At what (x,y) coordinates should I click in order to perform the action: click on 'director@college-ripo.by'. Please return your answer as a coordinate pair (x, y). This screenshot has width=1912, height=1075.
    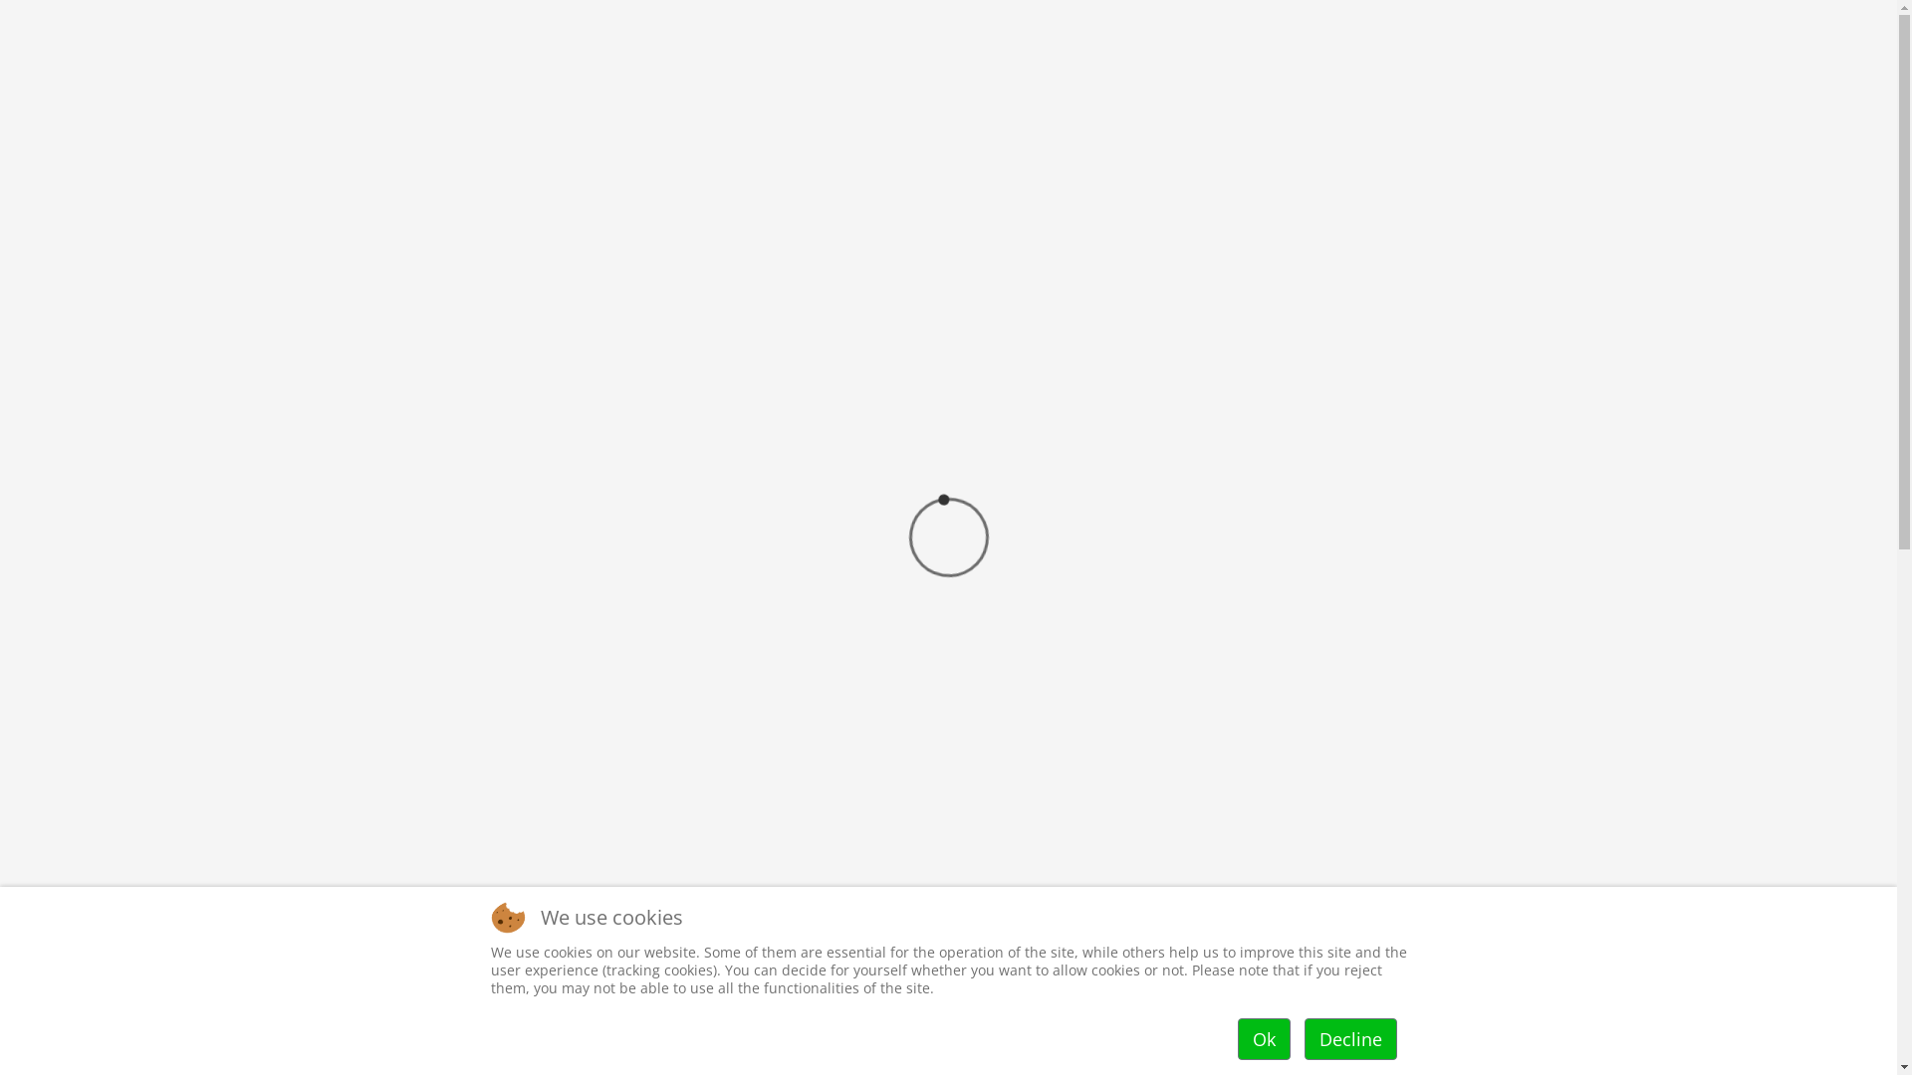
    Looking at the image, I should click on (1431, 20).